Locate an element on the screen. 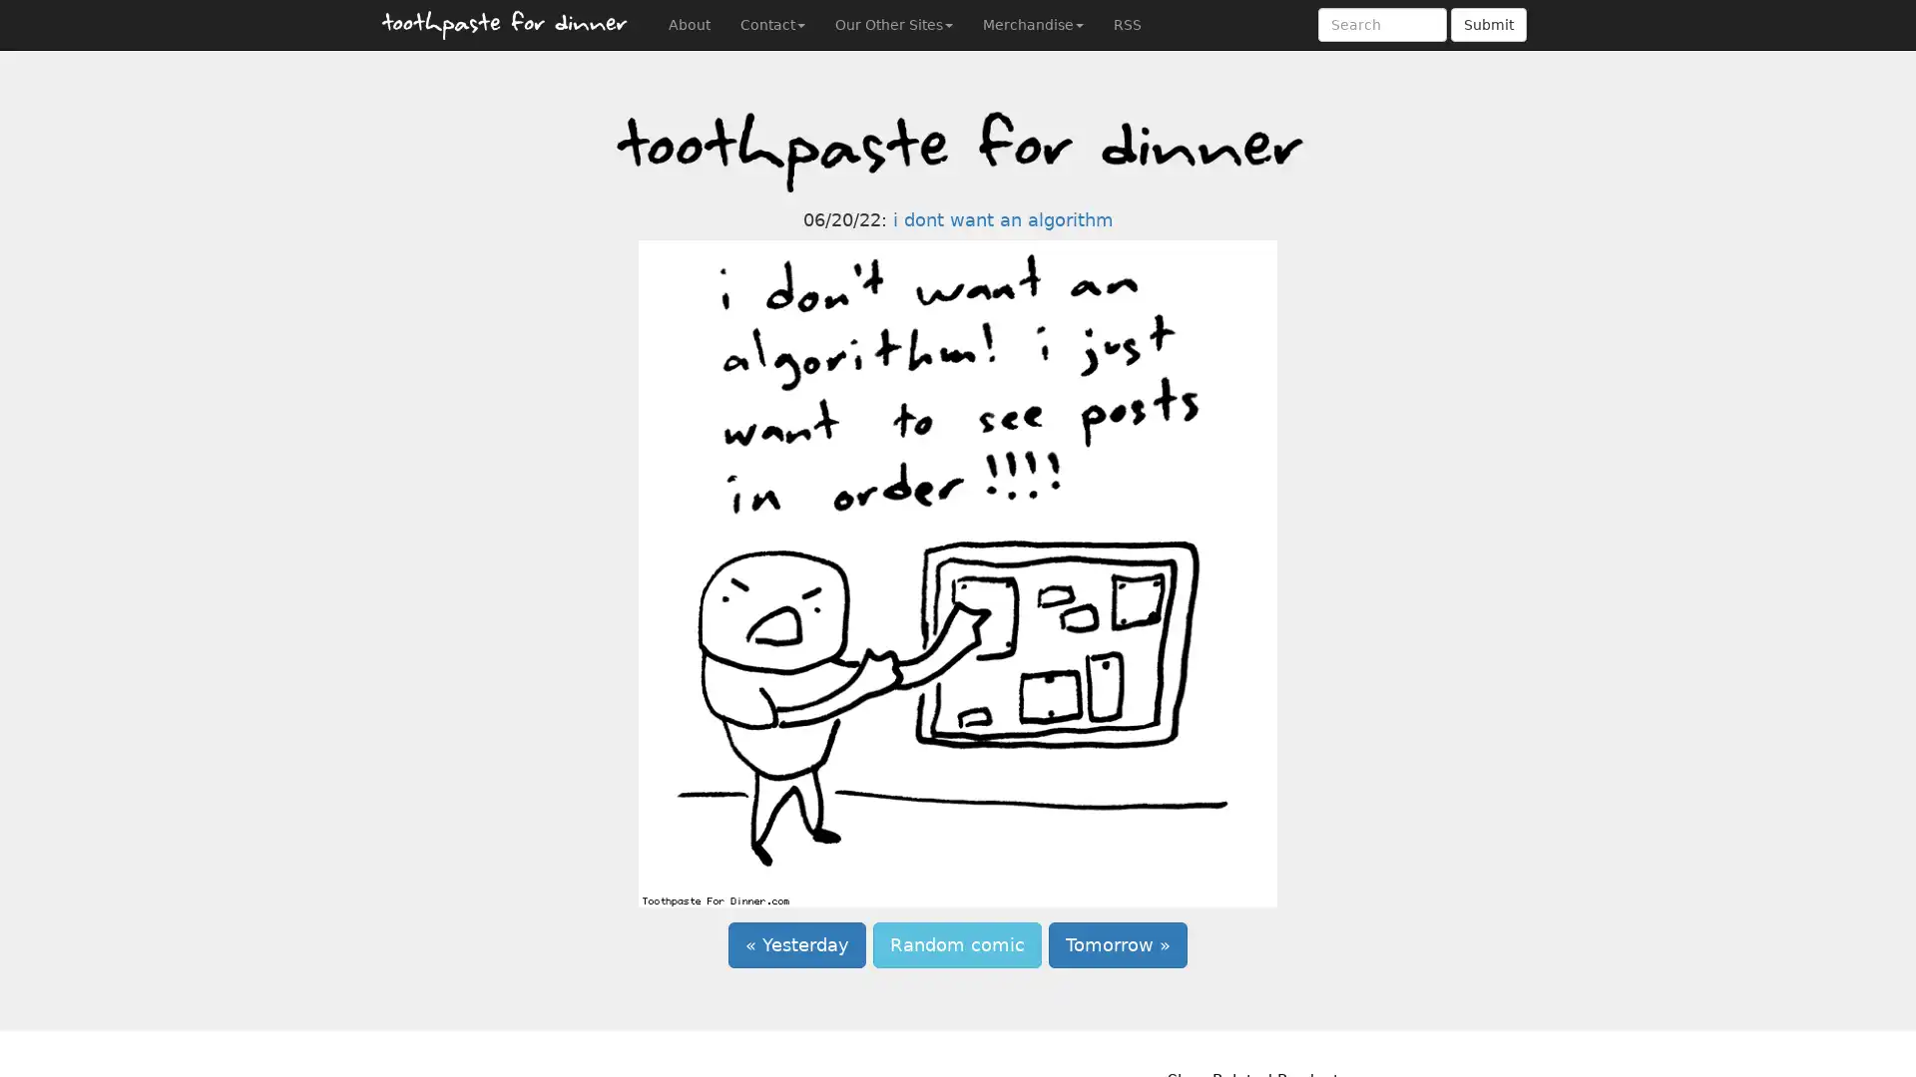 The height and width of the screenshot is (1077, 1916). Submit is located at coordinates (1489, 24).